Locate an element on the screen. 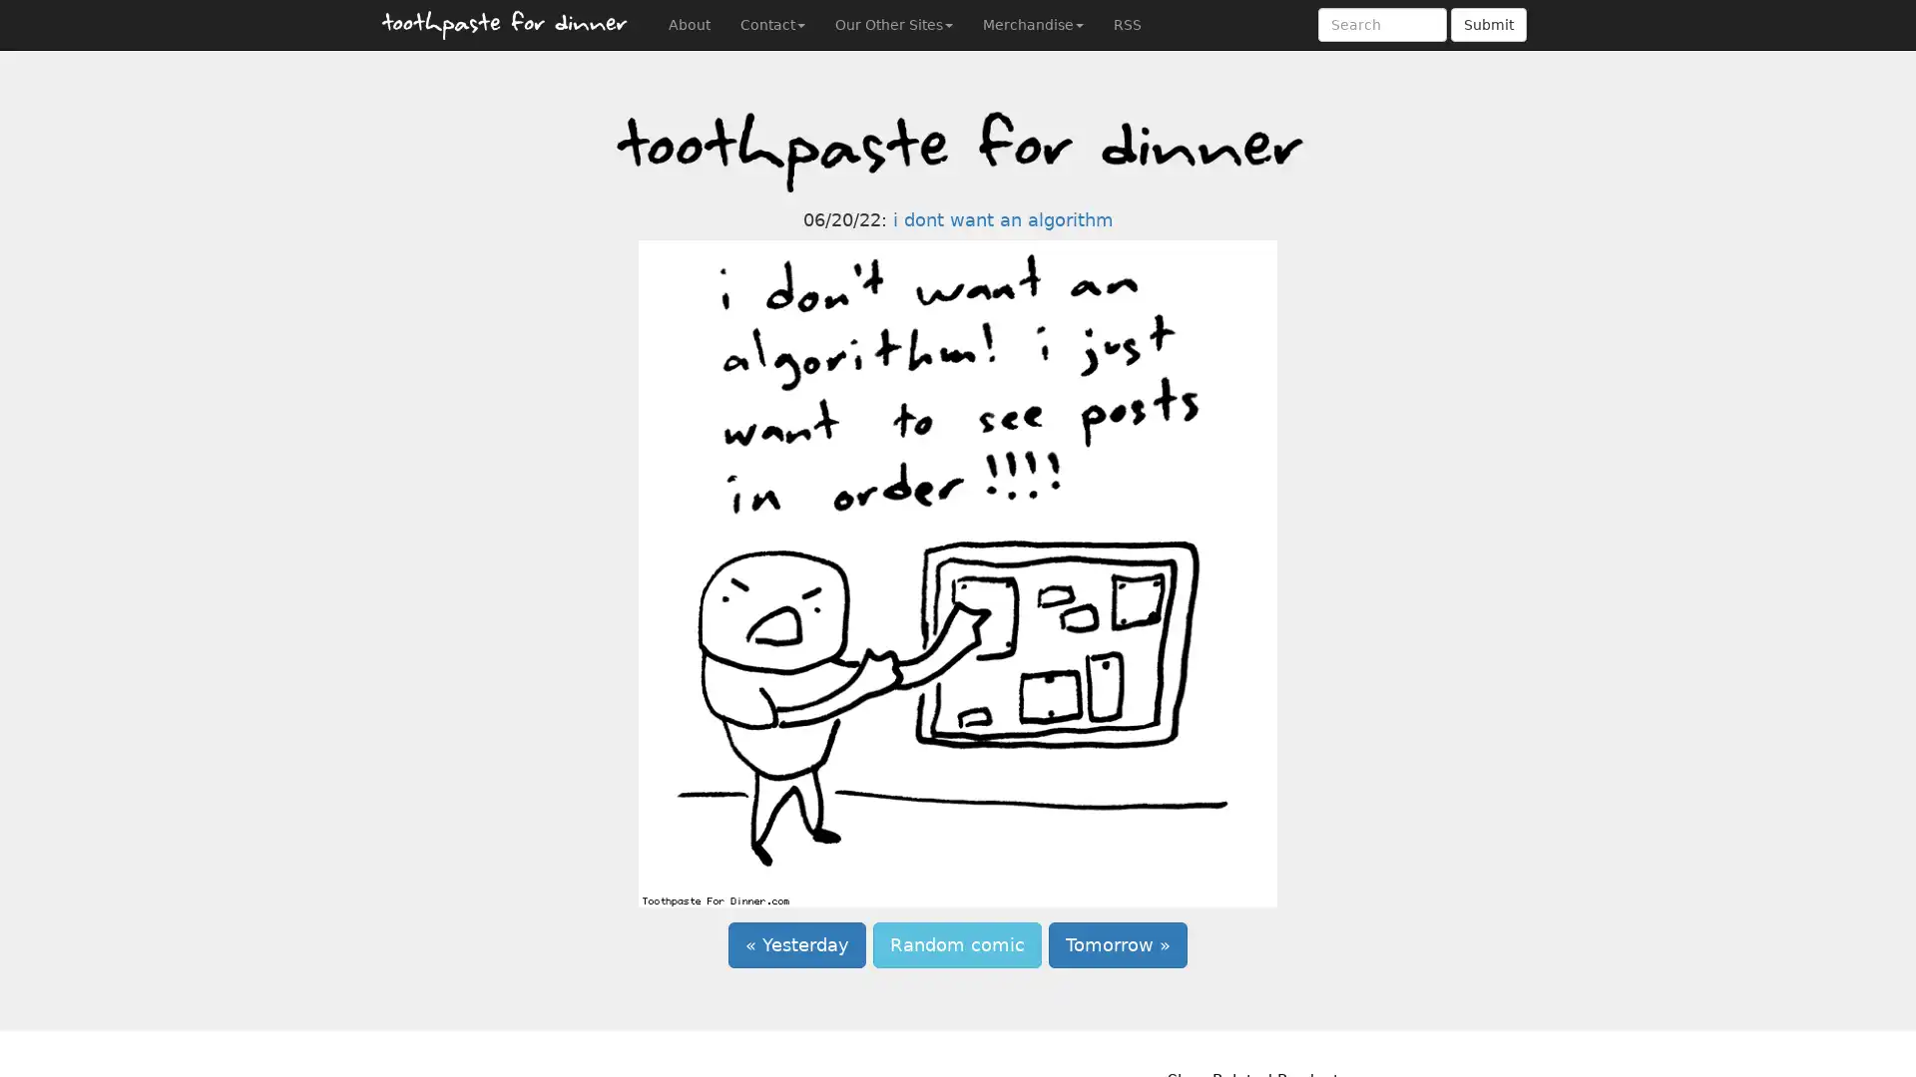 The height and width of the screenshot is (1077, 1916). Submit is located at coordinates (1489, 24).